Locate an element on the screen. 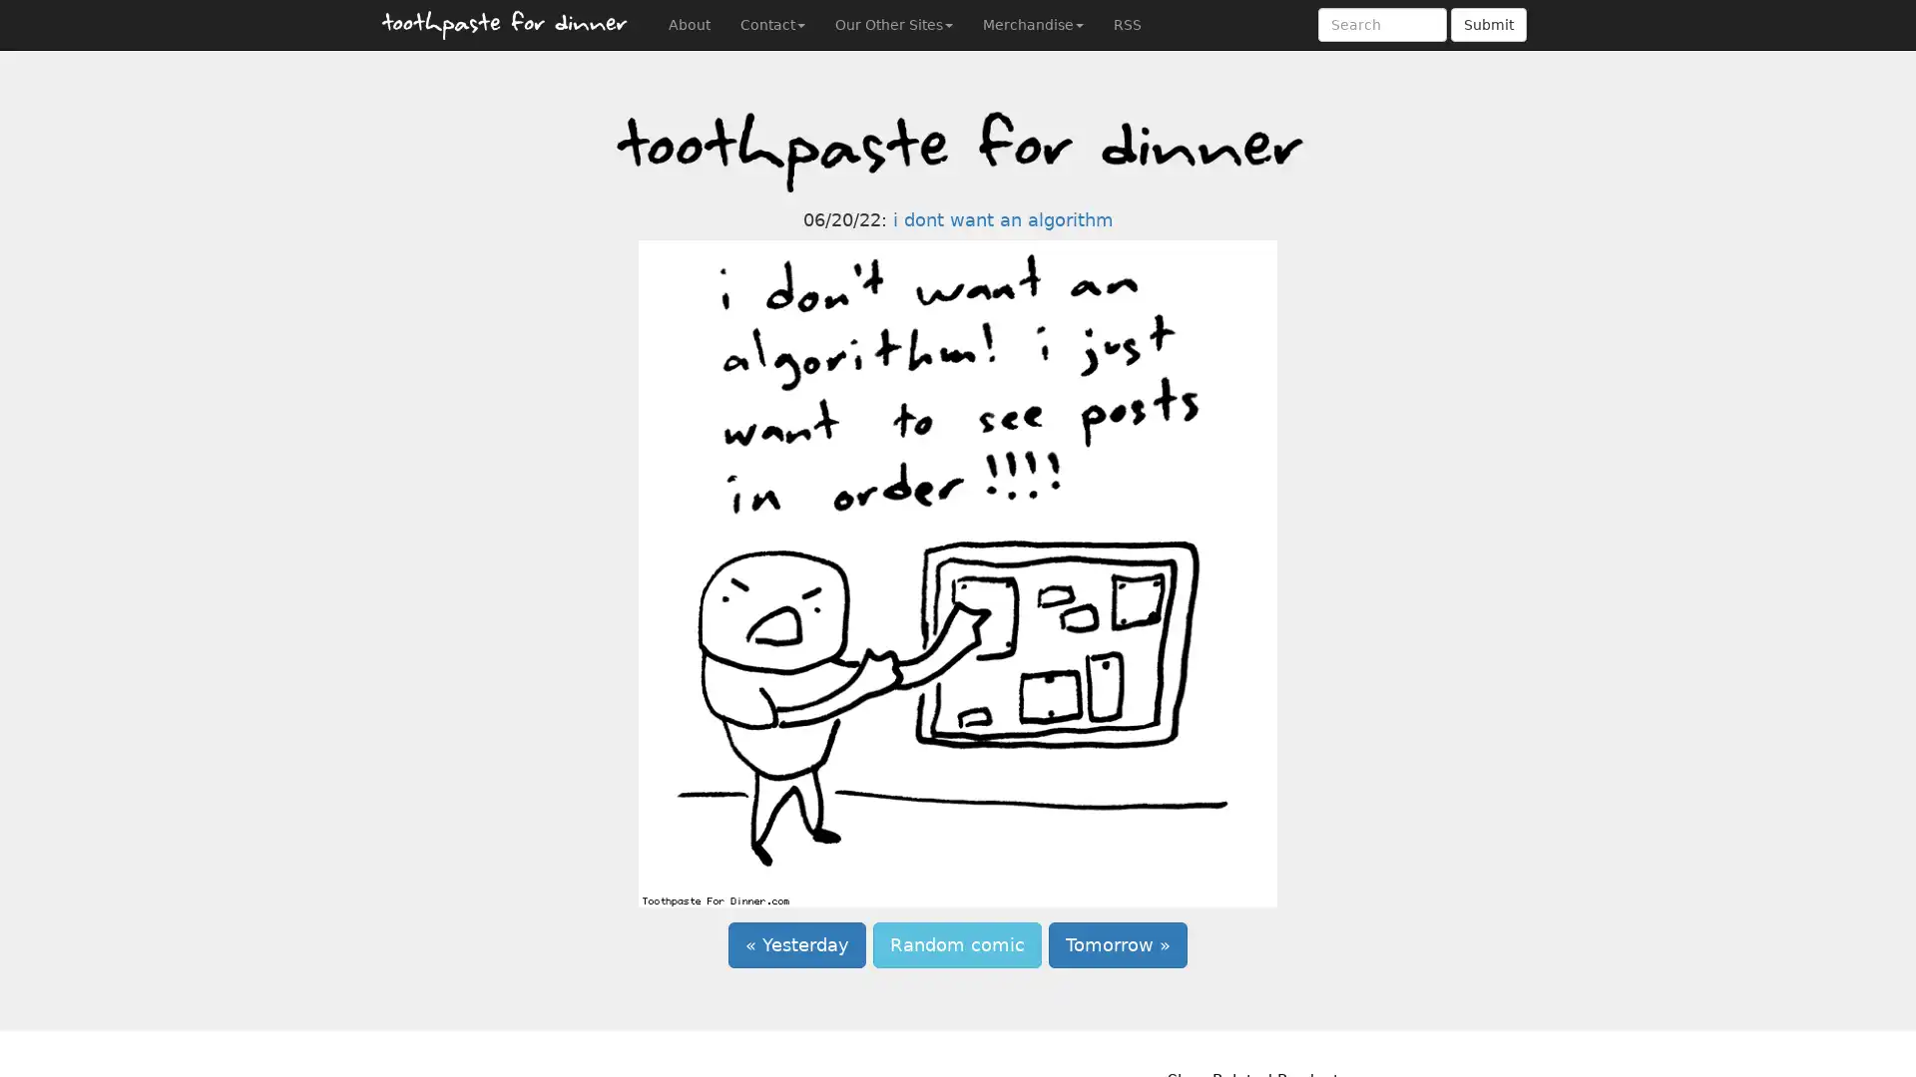 The height and width of the screenshot is (1077, 1916). Submit is located at coordinates (1489, 24).